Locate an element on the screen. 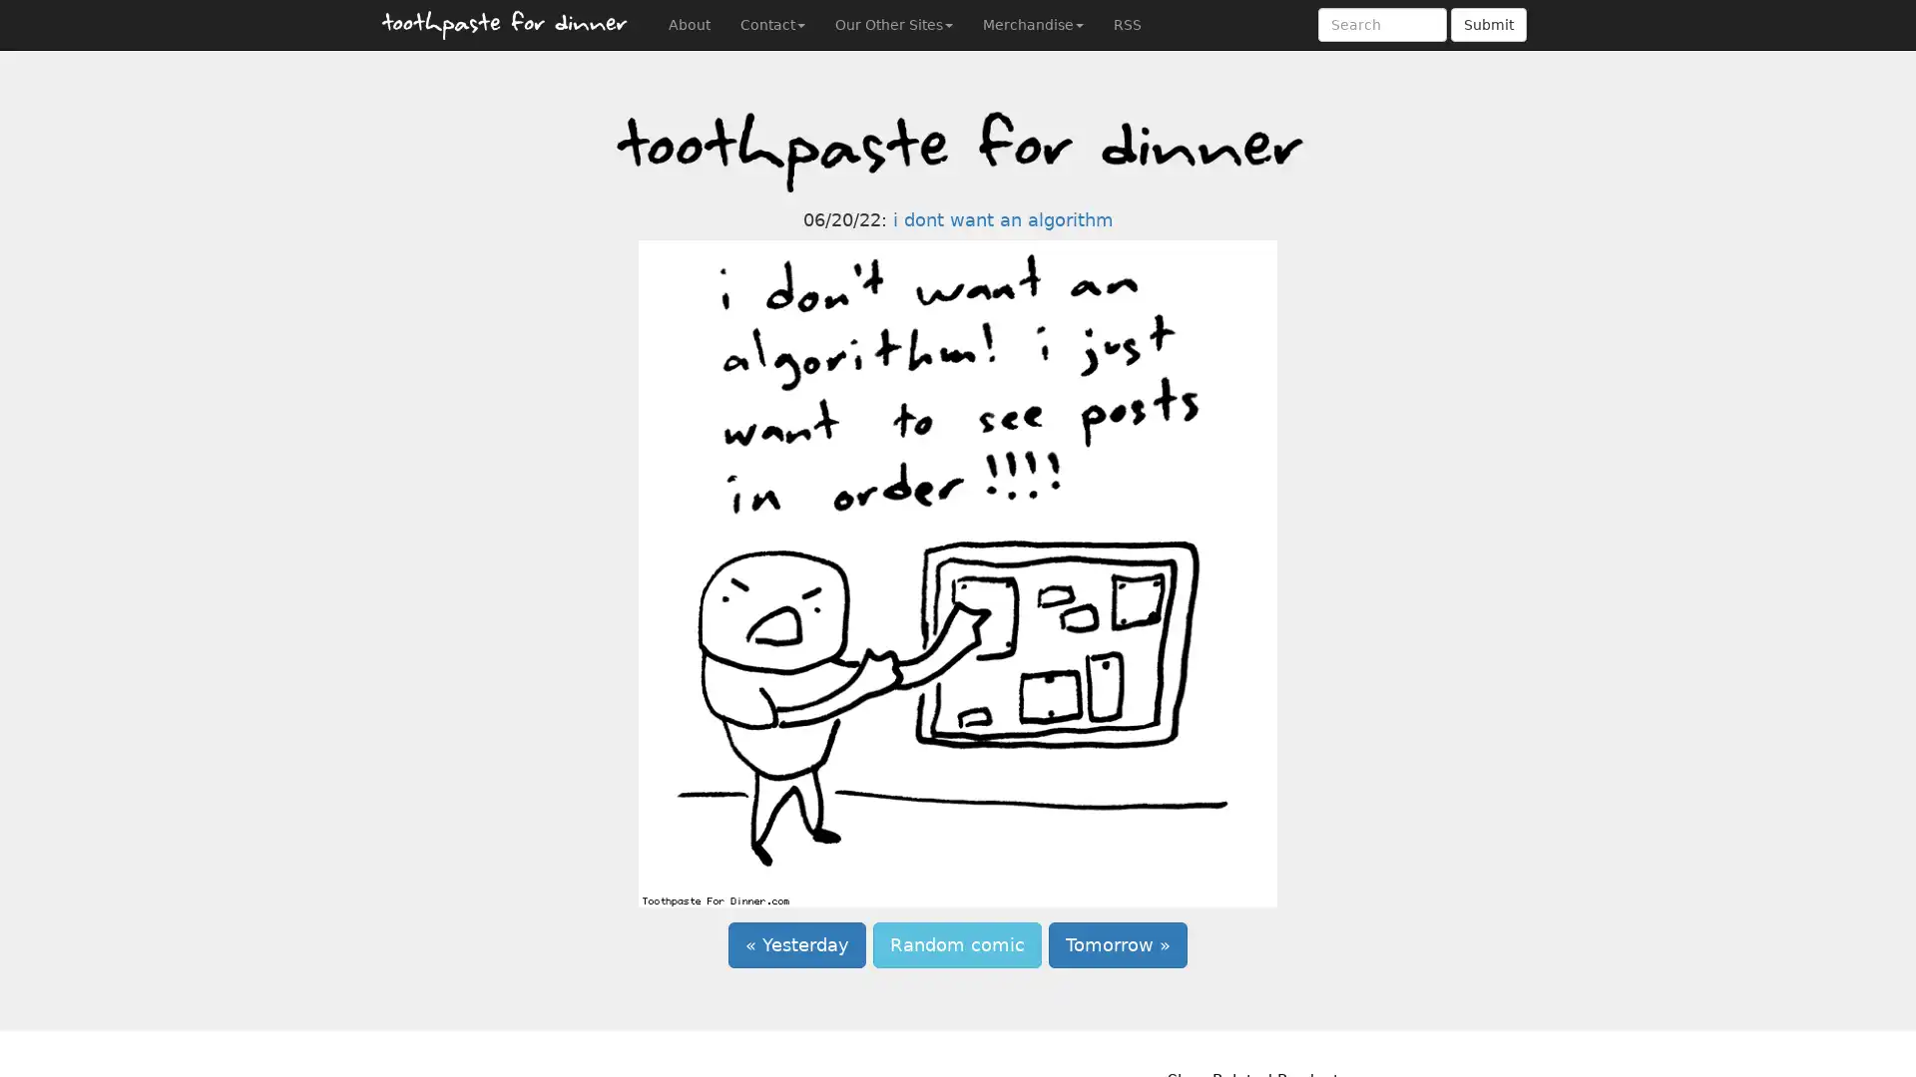 The height and width of the screenshot is (1077, 1916). Submit is located at coordinates (1489, 24).